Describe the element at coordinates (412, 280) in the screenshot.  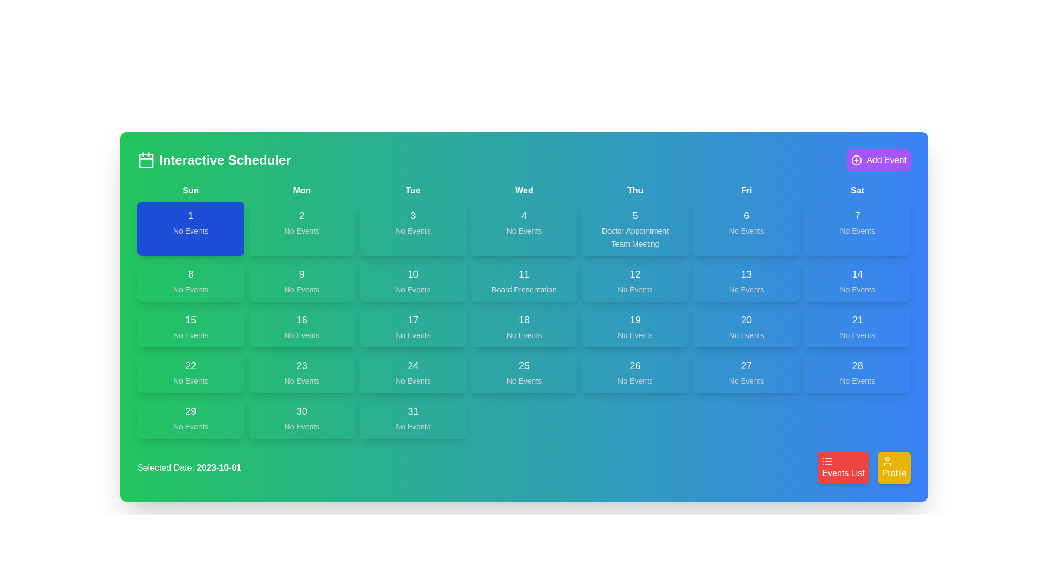
I see `the button-like interactive grid cell labeled '10' in the calendar layout` at that location.